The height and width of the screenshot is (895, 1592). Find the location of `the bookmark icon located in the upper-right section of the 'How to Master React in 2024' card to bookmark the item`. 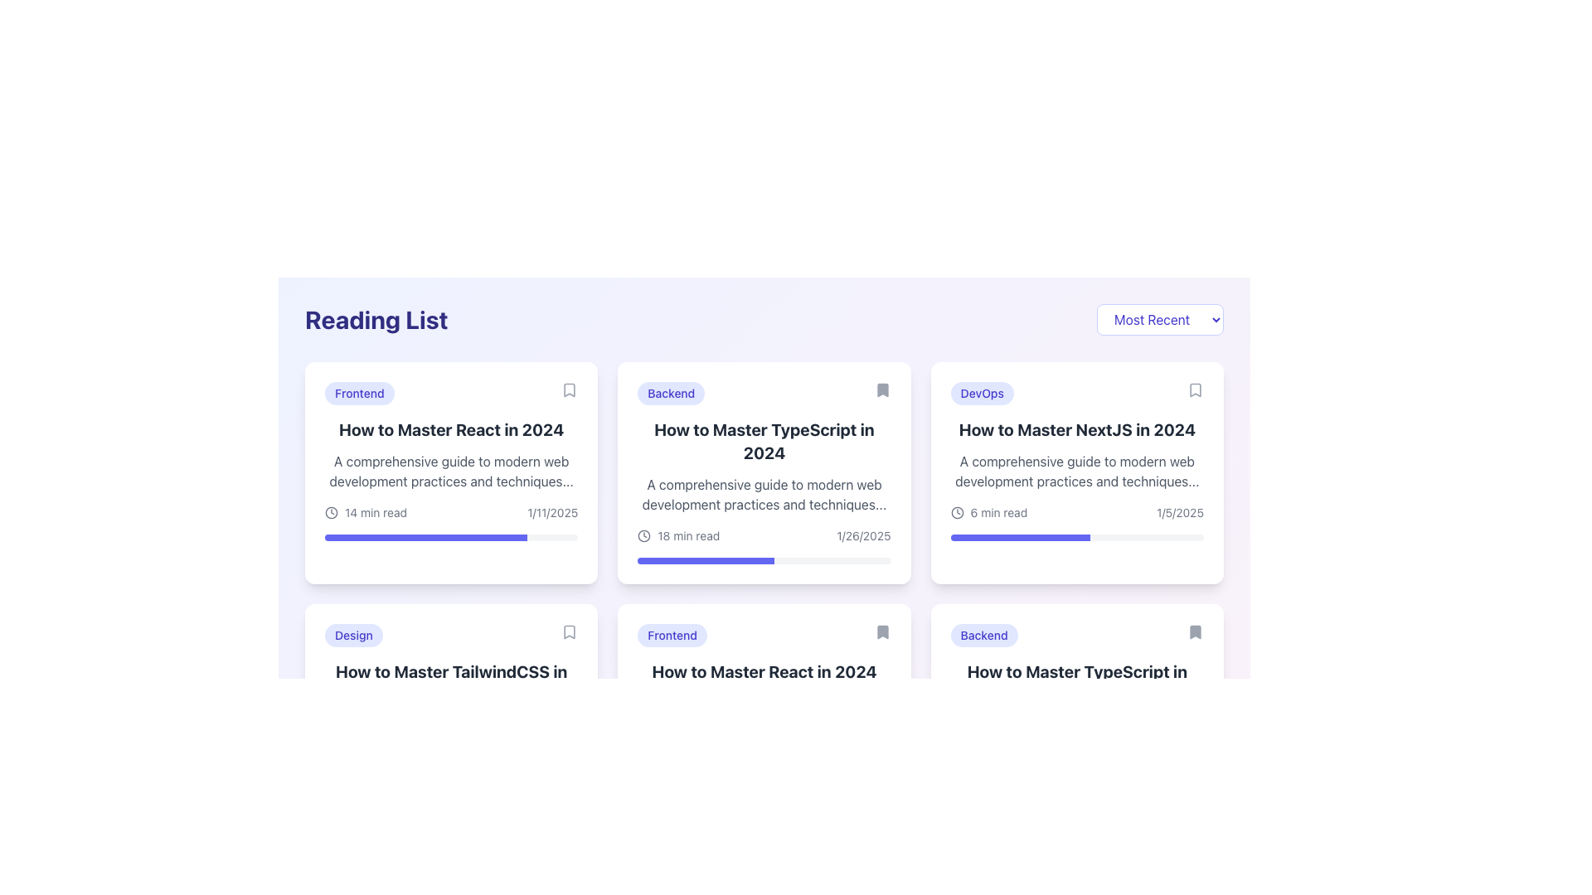

the bookmark icon located in the upper-right section of the 'How to Master React in 2024' card to bookmark the item is located at coordinates (881, 632).